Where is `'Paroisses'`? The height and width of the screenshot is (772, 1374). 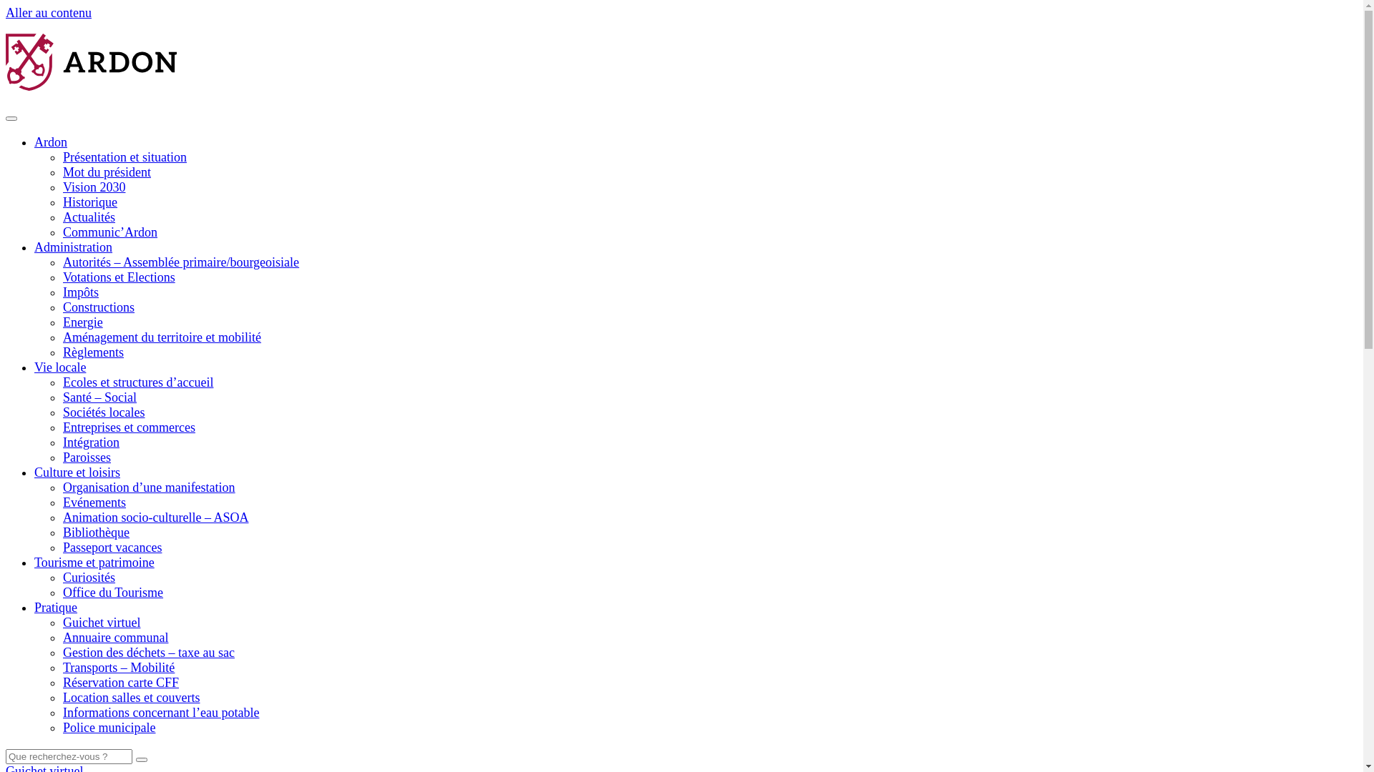
'Paroisses' is located at coordinates (86, 457).